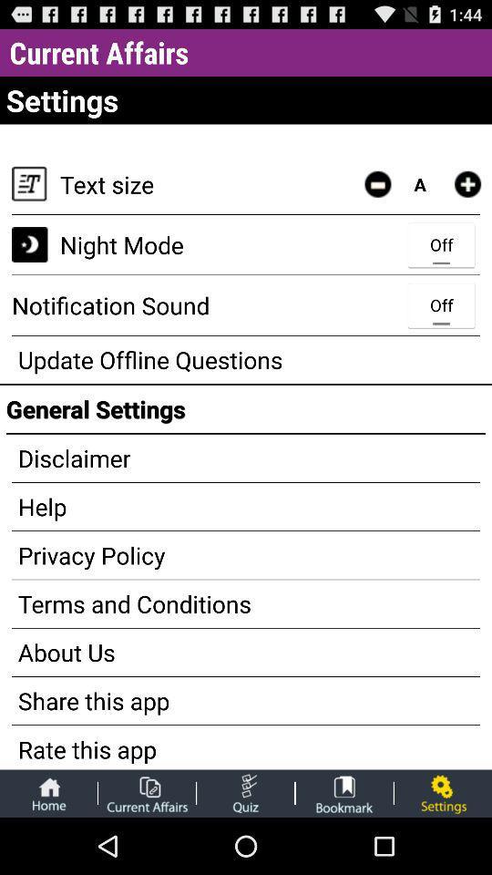 The image size is (492, 875). What do you see at coordinates (344, 792) in the screenshot?
I see `shows bookmarked items` at bounding box center [344, 792].